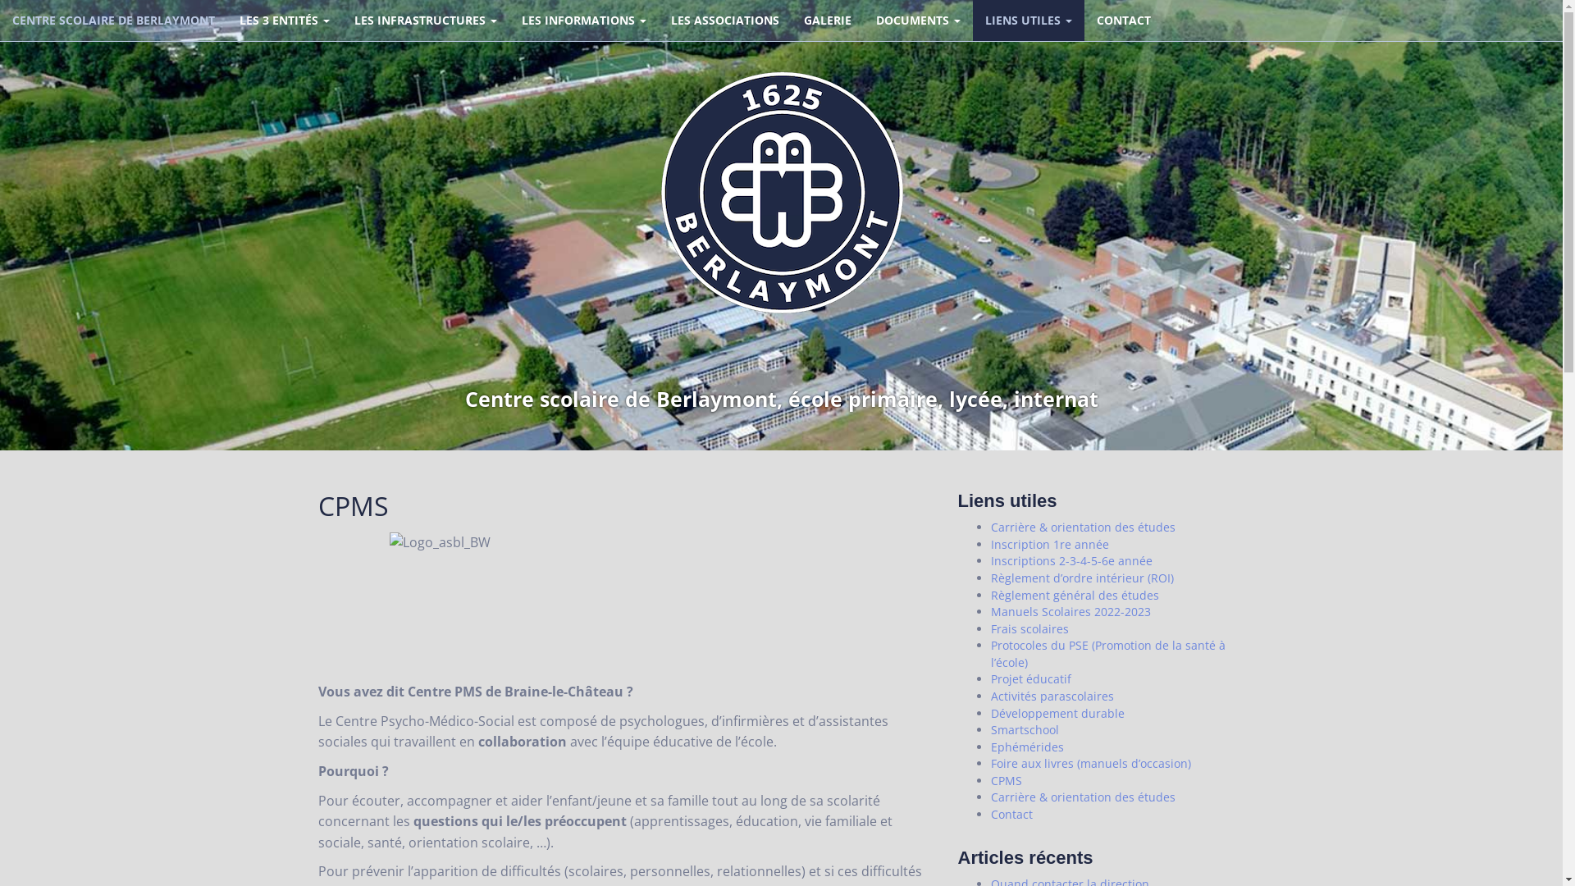 Image resolution: width=1575 pixels, height=886 pixels. What do you see at coordinates (583, 20) in the screenshot?
I see `'LES INFORMATIONS'` at bounding box center [583, 20].